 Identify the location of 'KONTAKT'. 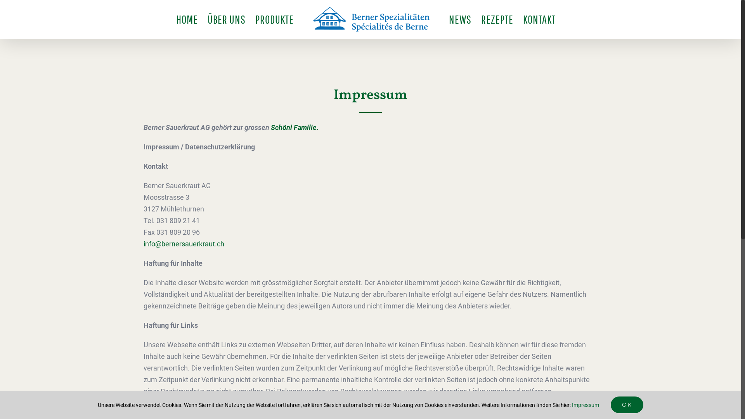
(523, 19).